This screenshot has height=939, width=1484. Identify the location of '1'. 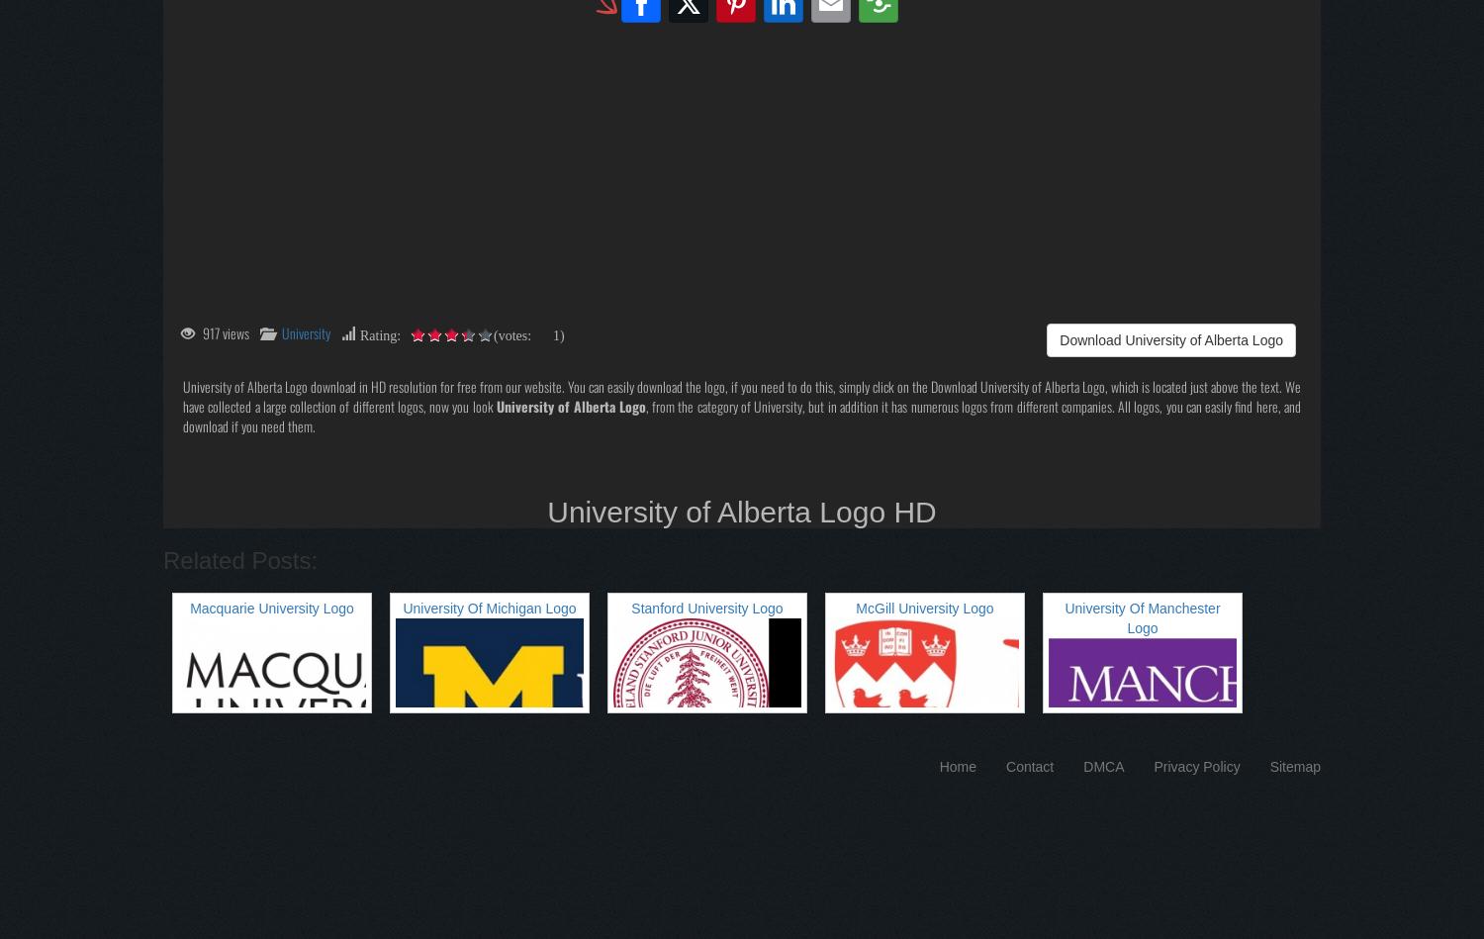
(553, 332).